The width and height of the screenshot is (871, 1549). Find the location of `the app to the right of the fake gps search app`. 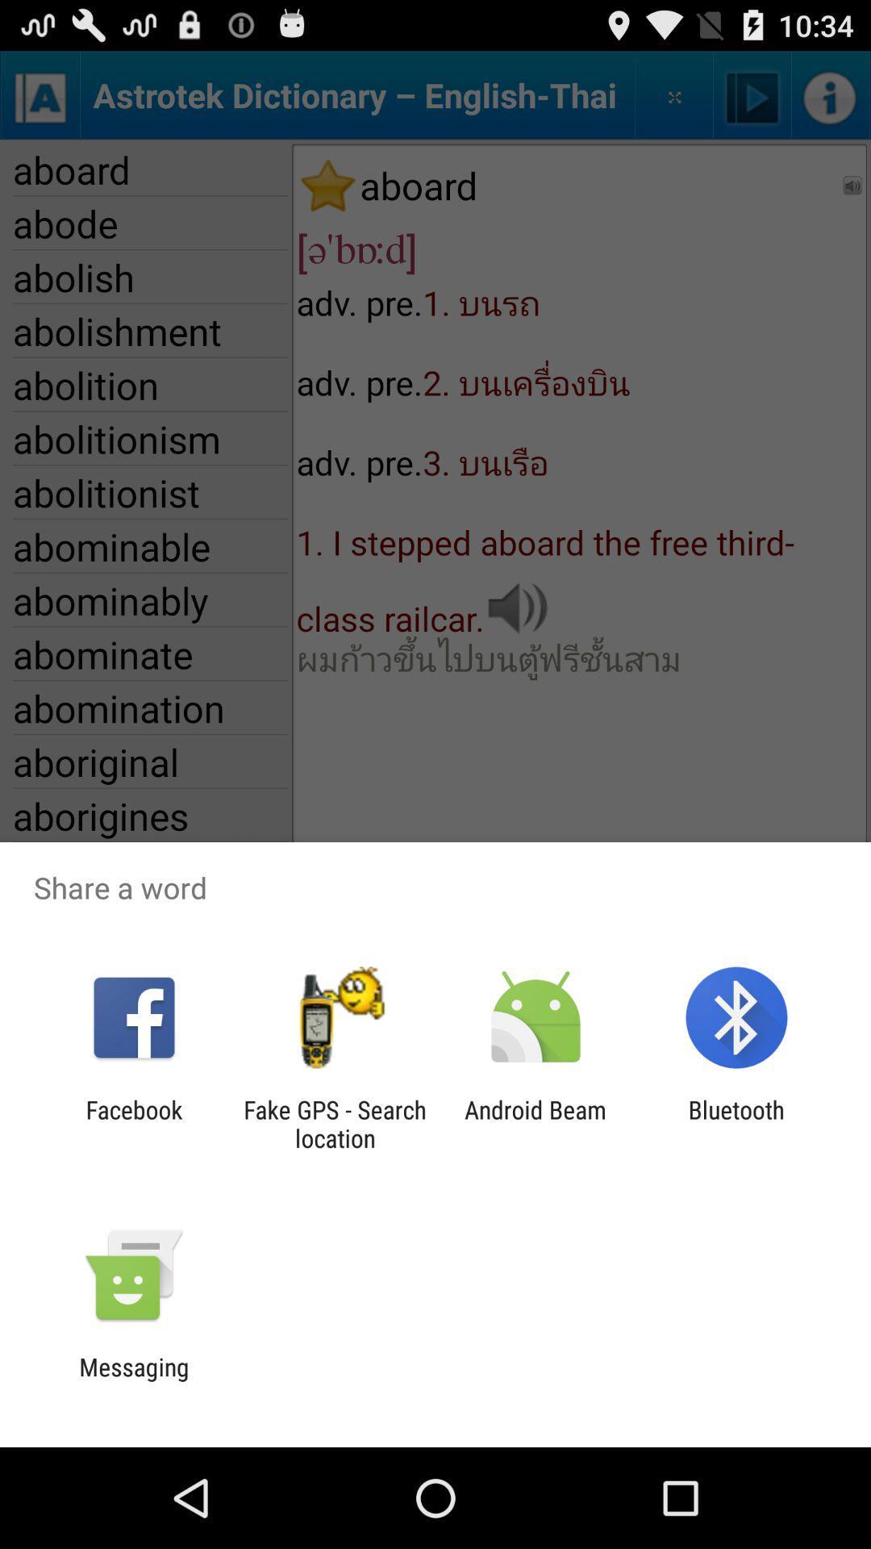

the app to the right of the fake gps search app is located at coordinates (536, 1123).